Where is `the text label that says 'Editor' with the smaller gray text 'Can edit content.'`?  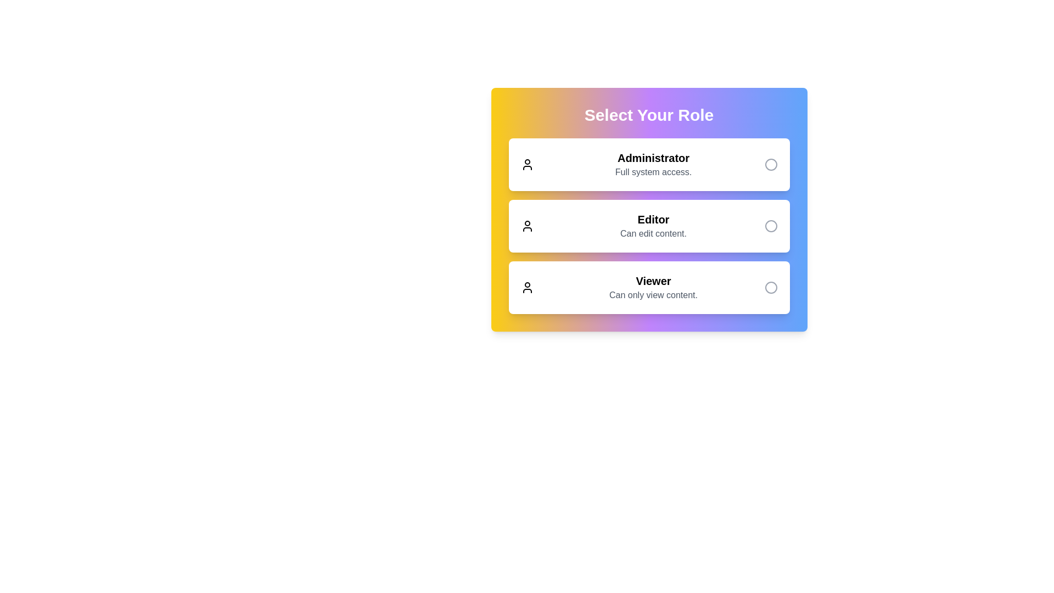
the text label that says 'Editor' with the smaller gray text 'Can edit content.' is located at coordinates (653, 226).